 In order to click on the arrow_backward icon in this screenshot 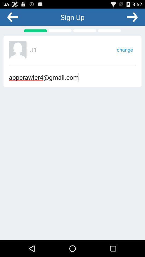, I will do `click(13, 18)`.